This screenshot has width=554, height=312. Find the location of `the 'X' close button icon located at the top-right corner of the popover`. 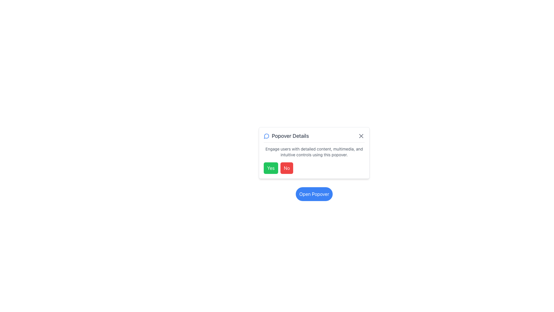

the 'X' close button icon located at the top-right corner of the popover is located at coordinates (361, 136).